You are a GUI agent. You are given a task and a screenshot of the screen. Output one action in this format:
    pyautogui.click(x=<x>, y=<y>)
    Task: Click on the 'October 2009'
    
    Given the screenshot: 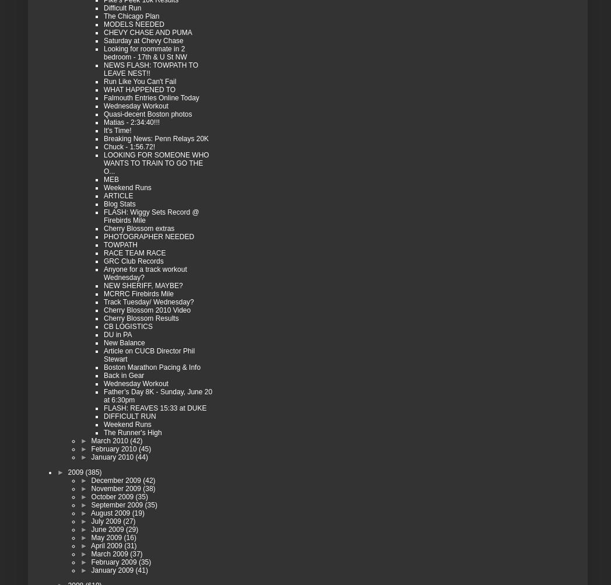 What is the action you would take?
    pyautogui.click(x=112, y=496)
    